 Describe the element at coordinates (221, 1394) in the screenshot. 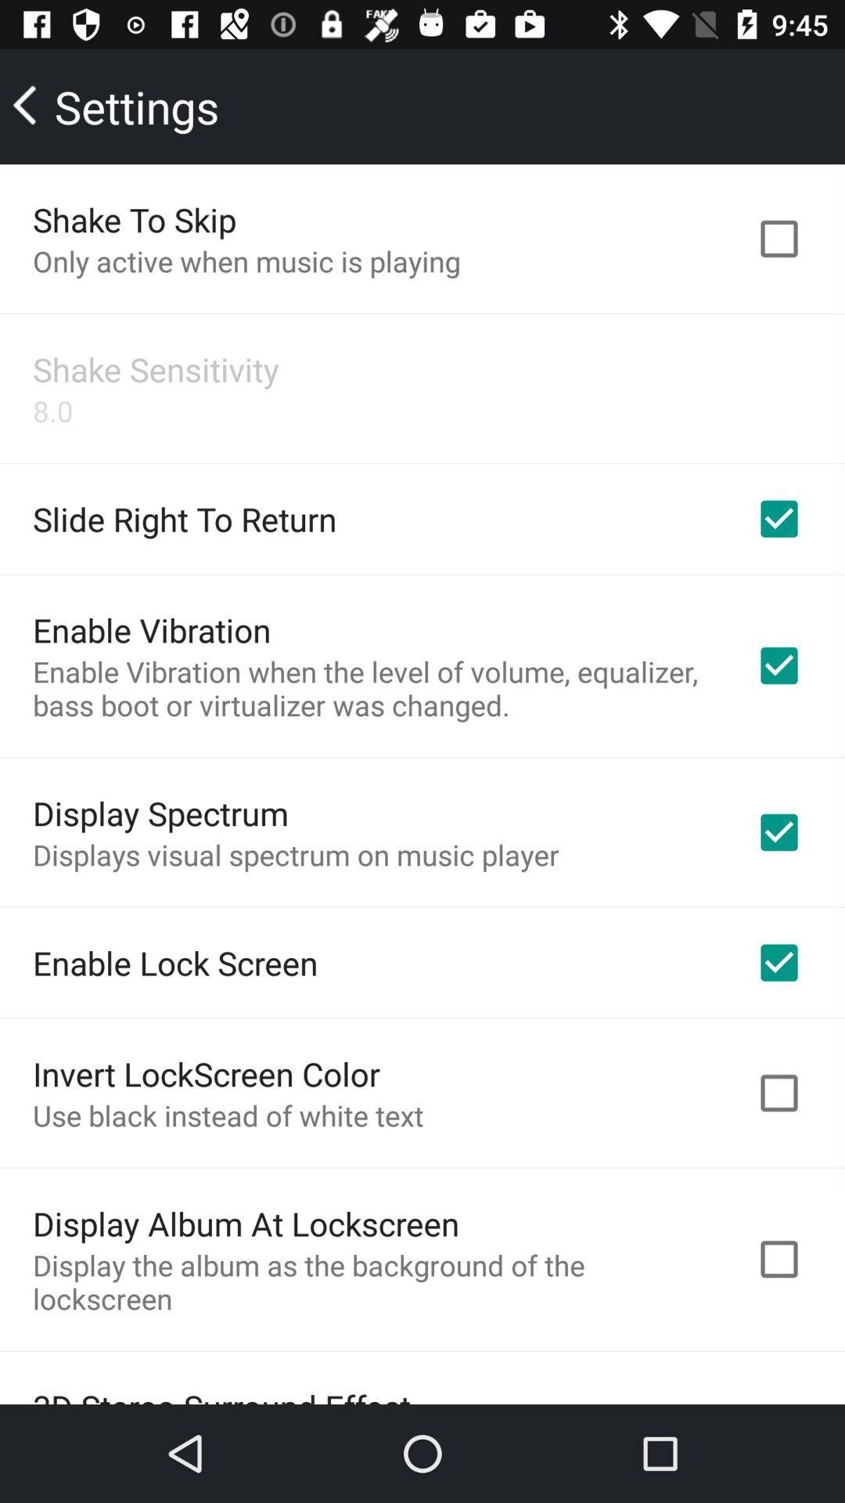

I see `the 3d stereo surround item` at that location.